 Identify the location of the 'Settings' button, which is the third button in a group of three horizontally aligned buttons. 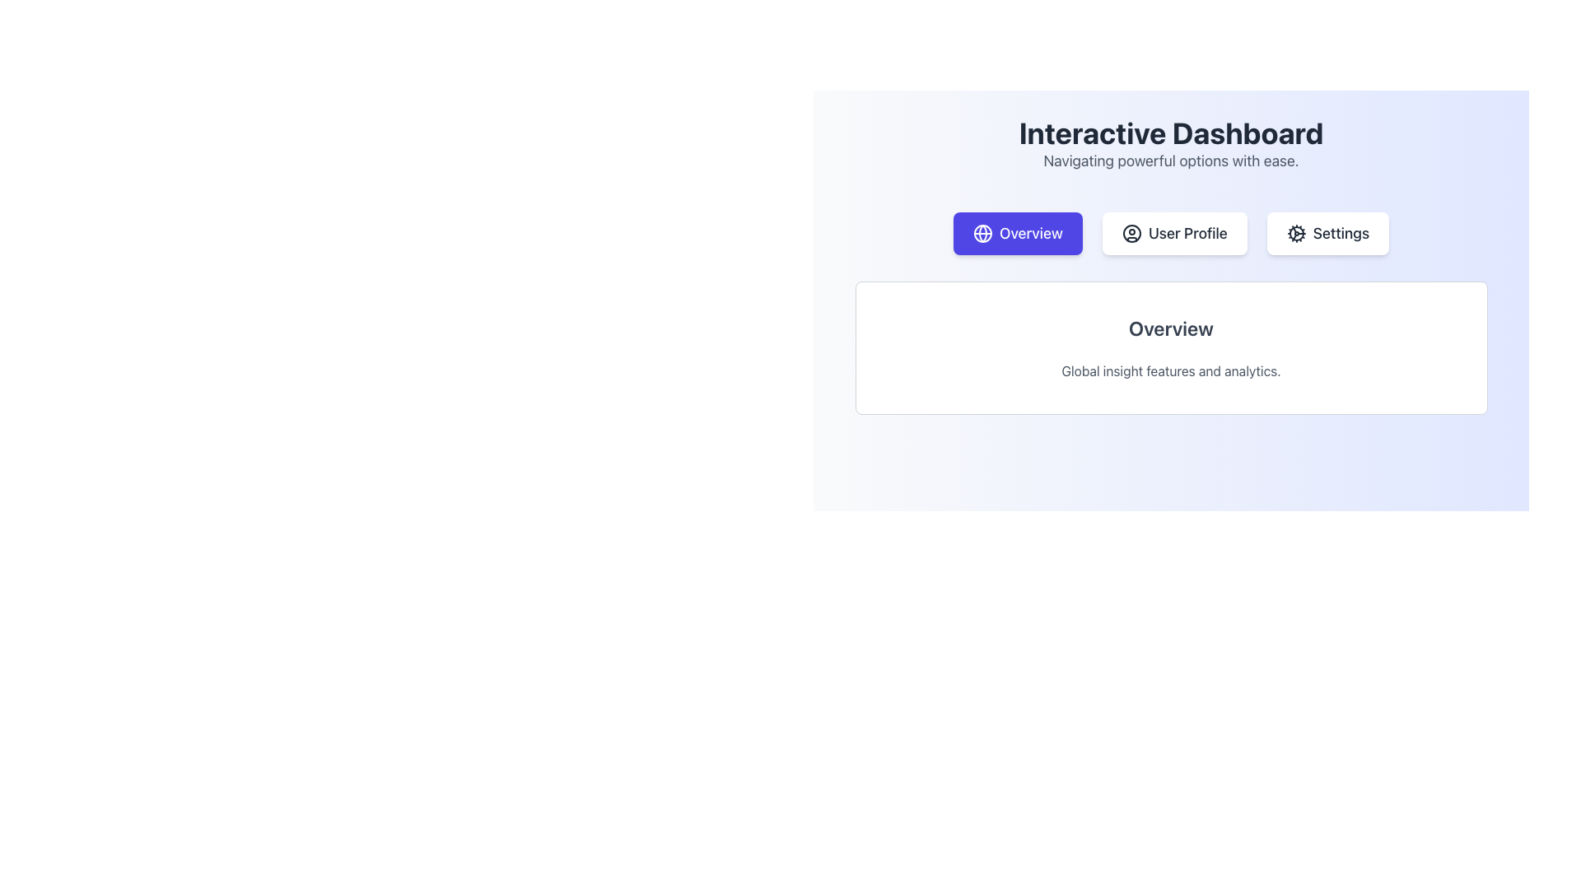
(1327, 234).